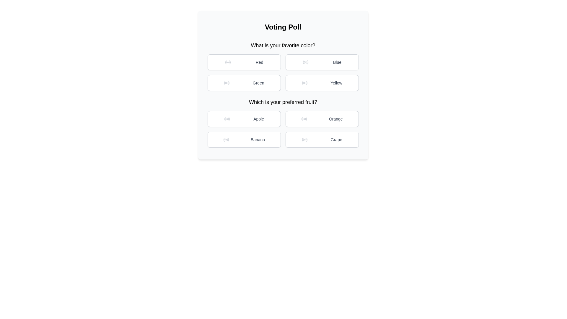 This screenshot has width=567, height=319. What do you see at coordinates (336, 140) in the screenshot?
I see `the text label 'Grape' which is part of the interactive button for the second question 'Which is your preferred fruit?' located in the bottom-right position of the second group of options` at bounding box center [336, 140].